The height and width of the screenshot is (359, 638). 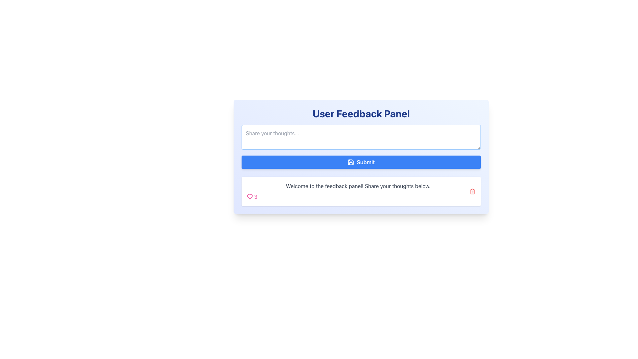 I want to click on the save icon, which is styled like a floppy disk and located on the left side of the blue 'Submit' button, so click(x=351, y=162).